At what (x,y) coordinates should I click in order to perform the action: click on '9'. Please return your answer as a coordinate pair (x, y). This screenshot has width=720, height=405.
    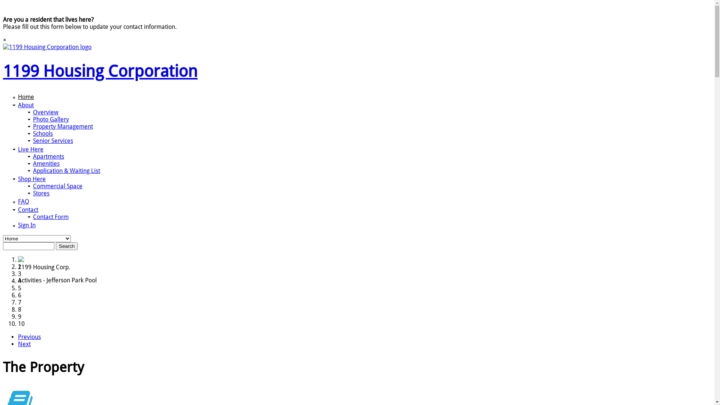
    Looking at the image, I should click on (19, 316).